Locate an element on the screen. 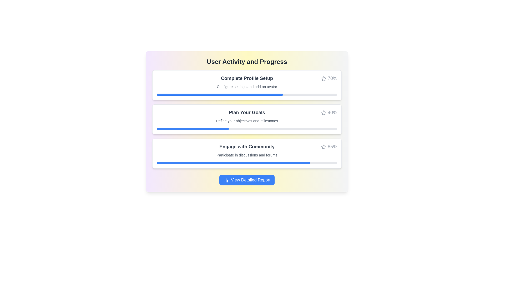  the progress bar indicator that visually represents 40% completion of the task in the 'Plan Your Goals' section, located below the corresponding text is located at coordinates (193, 129).